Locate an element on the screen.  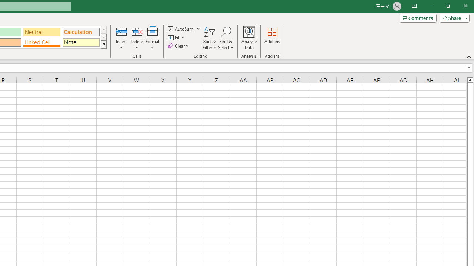
'Delete Cells...' is located at coordinates (137, 31).